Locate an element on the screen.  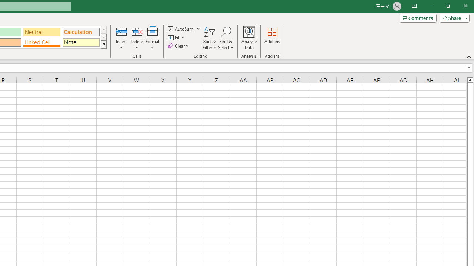
'Delete Cells...' is located at coordinates (137, 31).